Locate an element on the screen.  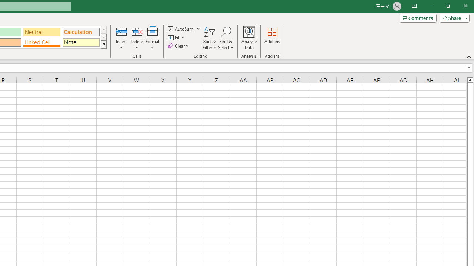
'Delete Cells...' is located at coordinates (137, 31).